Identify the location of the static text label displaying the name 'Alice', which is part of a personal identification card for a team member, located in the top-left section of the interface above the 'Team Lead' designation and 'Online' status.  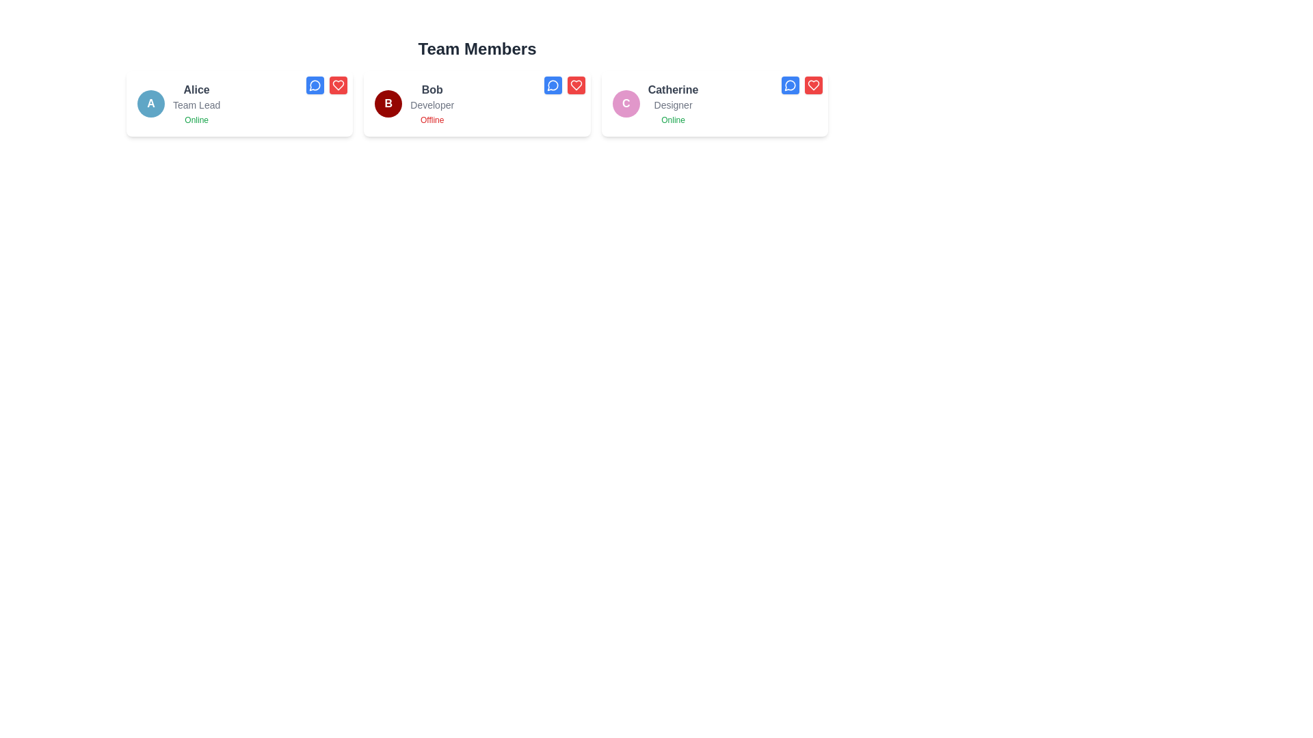
(196, 90).